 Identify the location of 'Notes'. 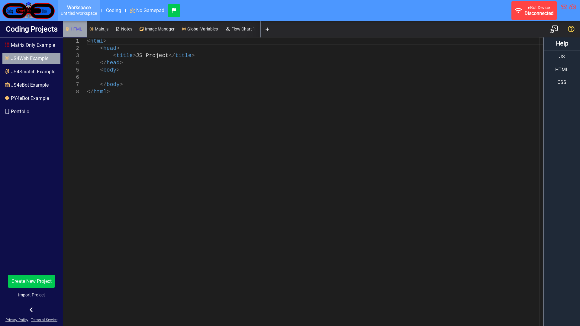
(113, 29).